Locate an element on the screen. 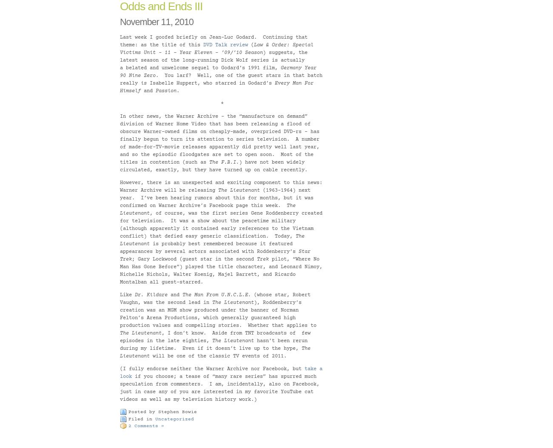 Image resolution: width=553 pixels, height=448 pixels. 'DVD Talk review' is located at coordinates (225, 45).